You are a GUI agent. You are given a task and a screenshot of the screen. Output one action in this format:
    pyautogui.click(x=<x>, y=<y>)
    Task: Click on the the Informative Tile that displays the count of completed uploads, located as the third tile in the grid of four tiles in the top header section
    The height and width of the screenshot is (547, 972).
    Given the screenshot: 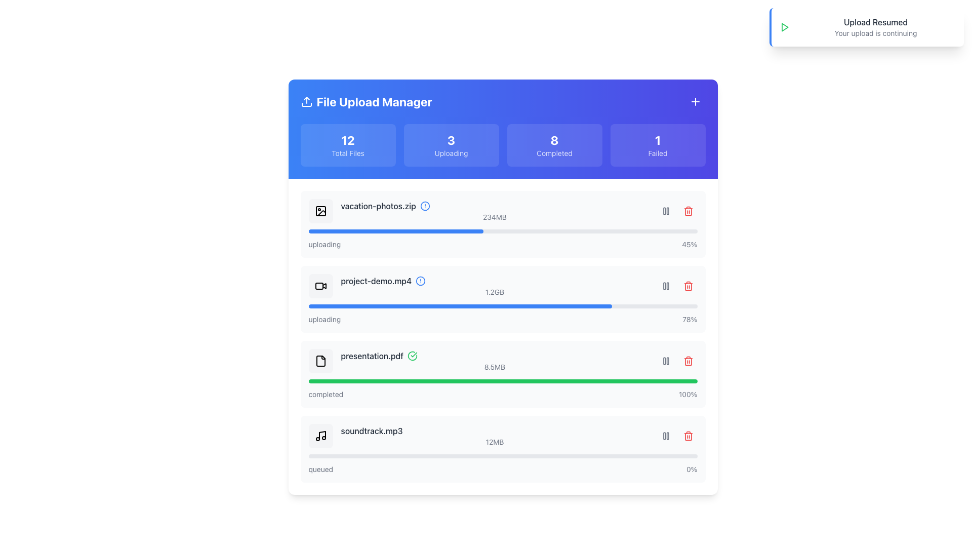 What is the action you would take?
    pyautogui.click(x=554, y=145)
    